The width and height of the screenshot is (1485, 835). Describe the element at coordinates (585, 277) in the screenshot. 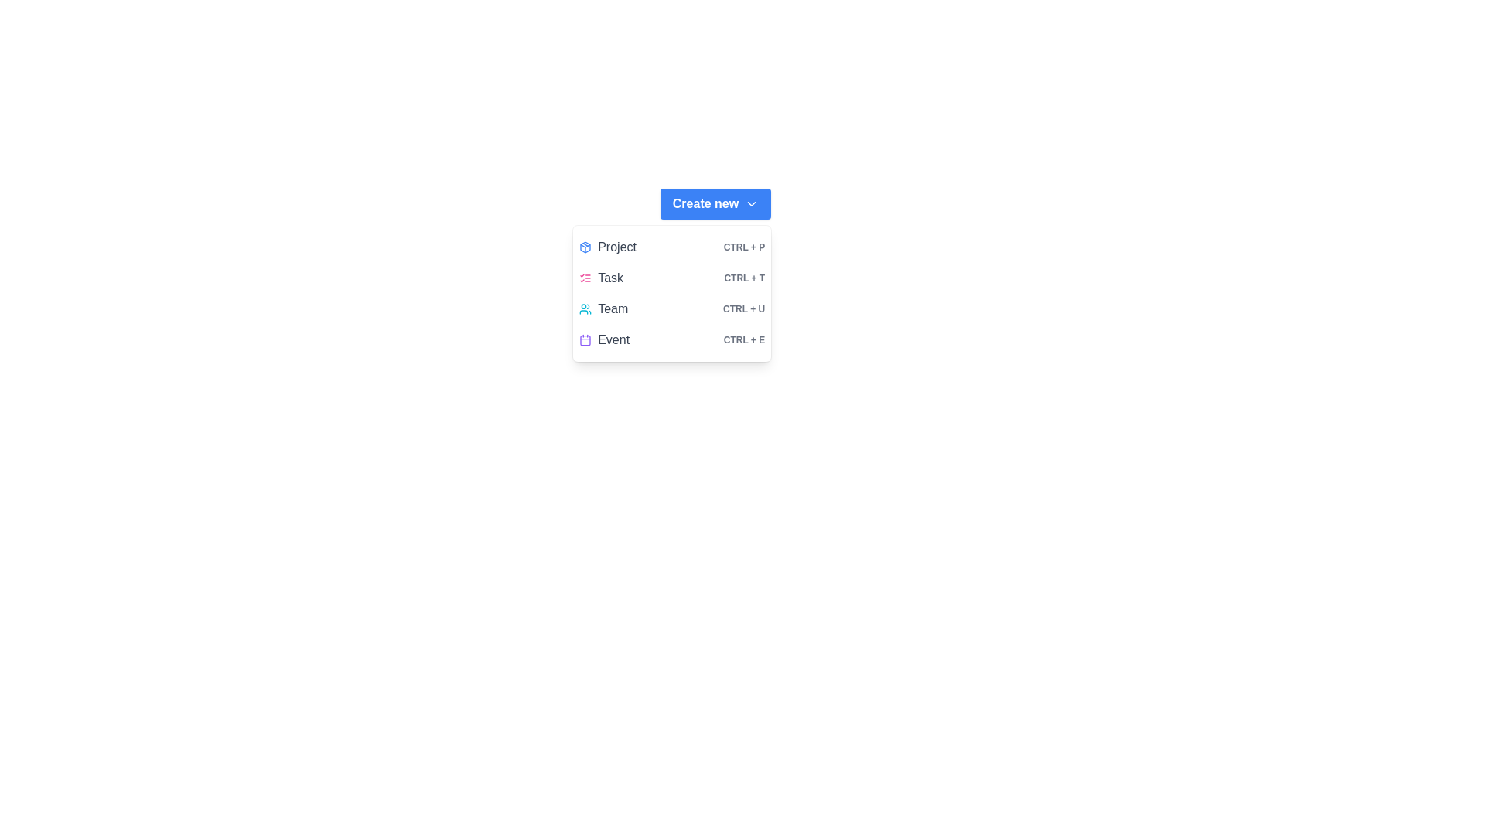

I see `the pink checklist icon located to the left of the 'Task' label in the menu` at that location.